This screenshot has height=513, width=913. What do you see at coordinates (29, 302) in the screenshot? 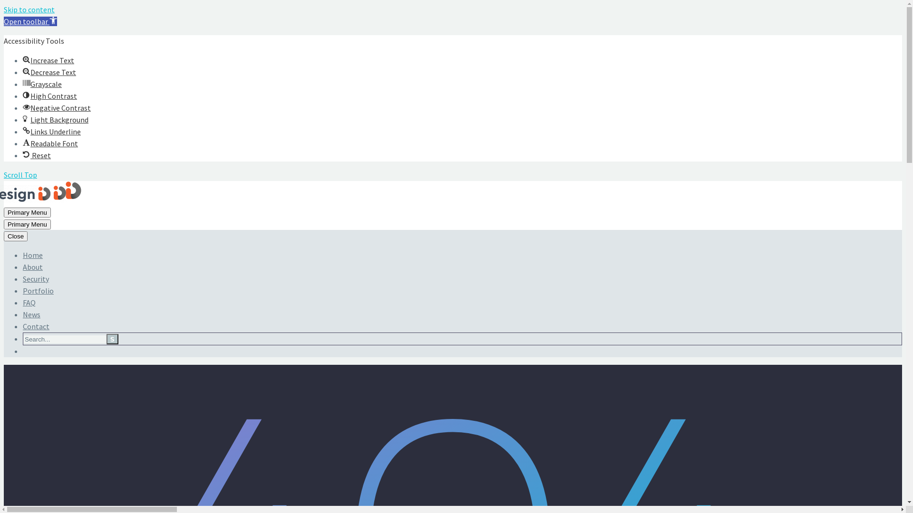
I see `'FAQ'` at bounding box center [29, 302].